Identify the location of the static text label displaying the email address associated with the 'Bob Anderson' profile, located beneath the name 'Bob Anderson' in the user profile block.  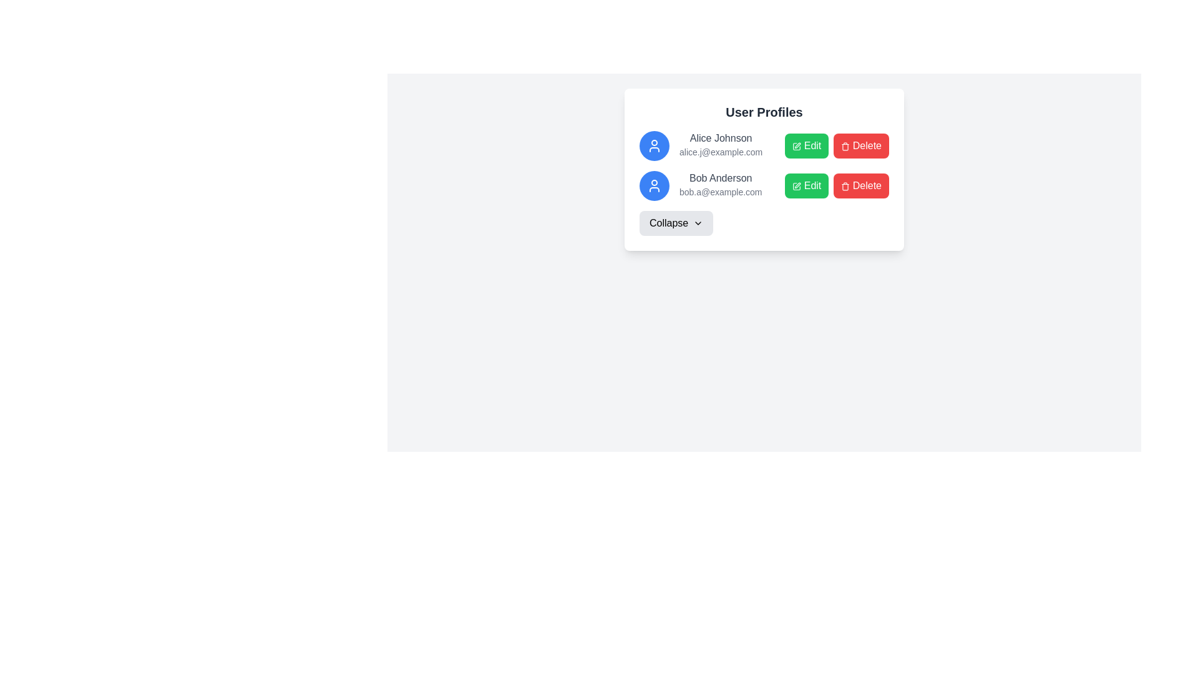
(721, 192).